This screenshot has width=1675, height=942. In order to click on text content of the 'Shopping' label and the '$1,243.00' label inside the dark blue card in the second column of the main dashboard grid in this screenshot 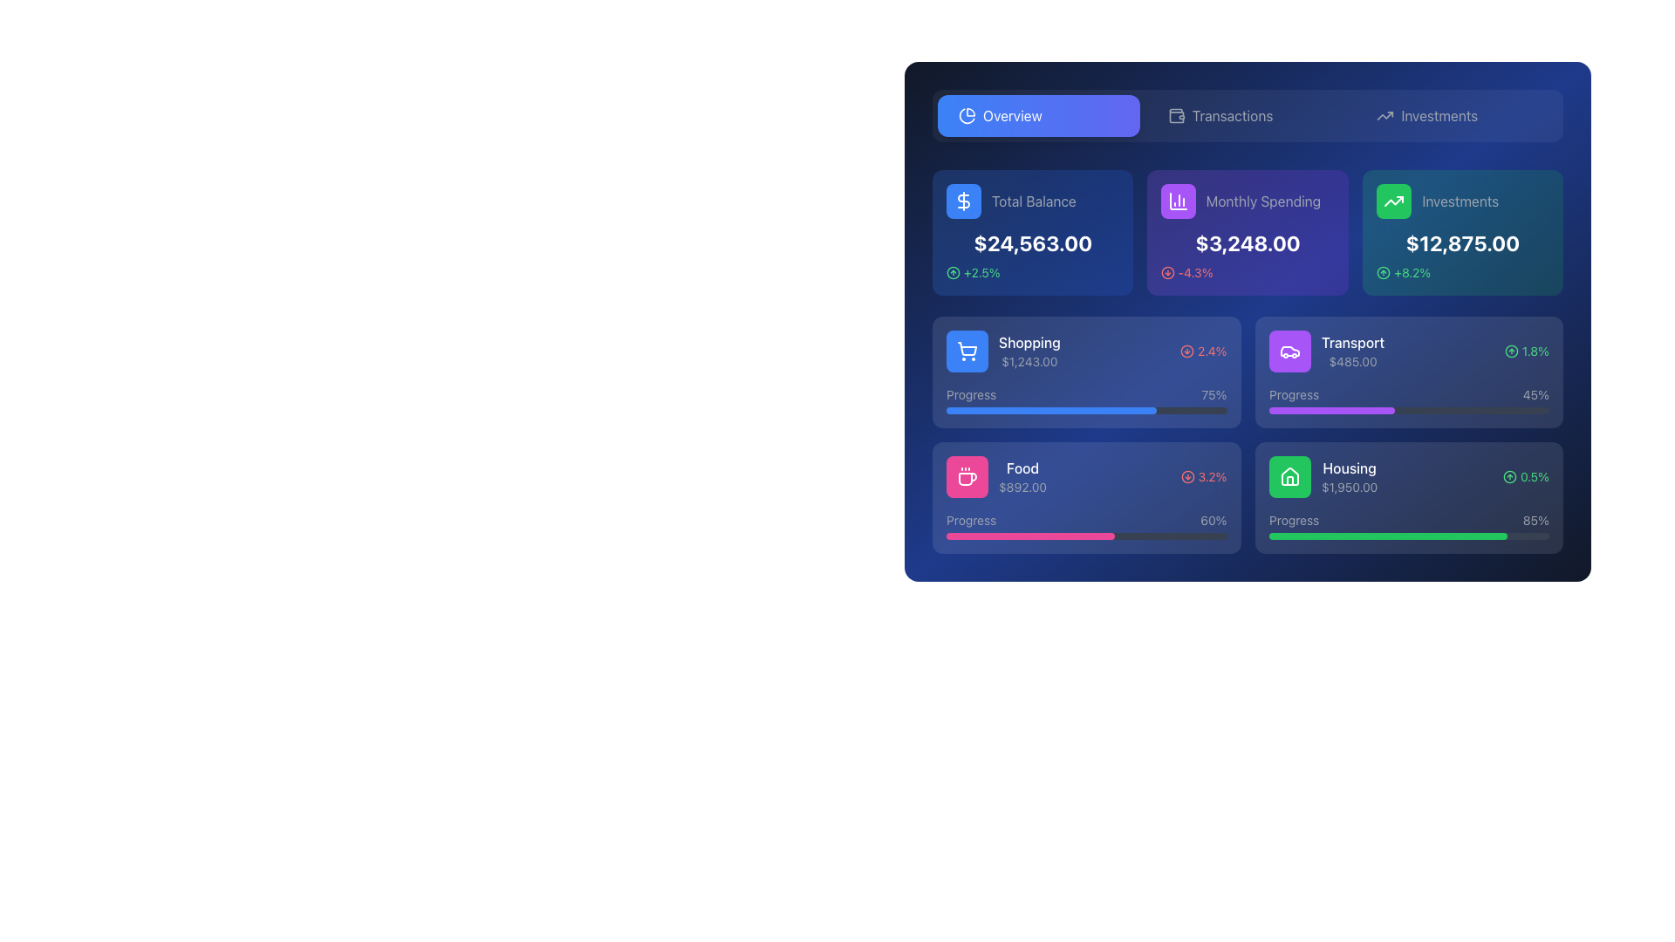, I will do `click(1029, 351)`.